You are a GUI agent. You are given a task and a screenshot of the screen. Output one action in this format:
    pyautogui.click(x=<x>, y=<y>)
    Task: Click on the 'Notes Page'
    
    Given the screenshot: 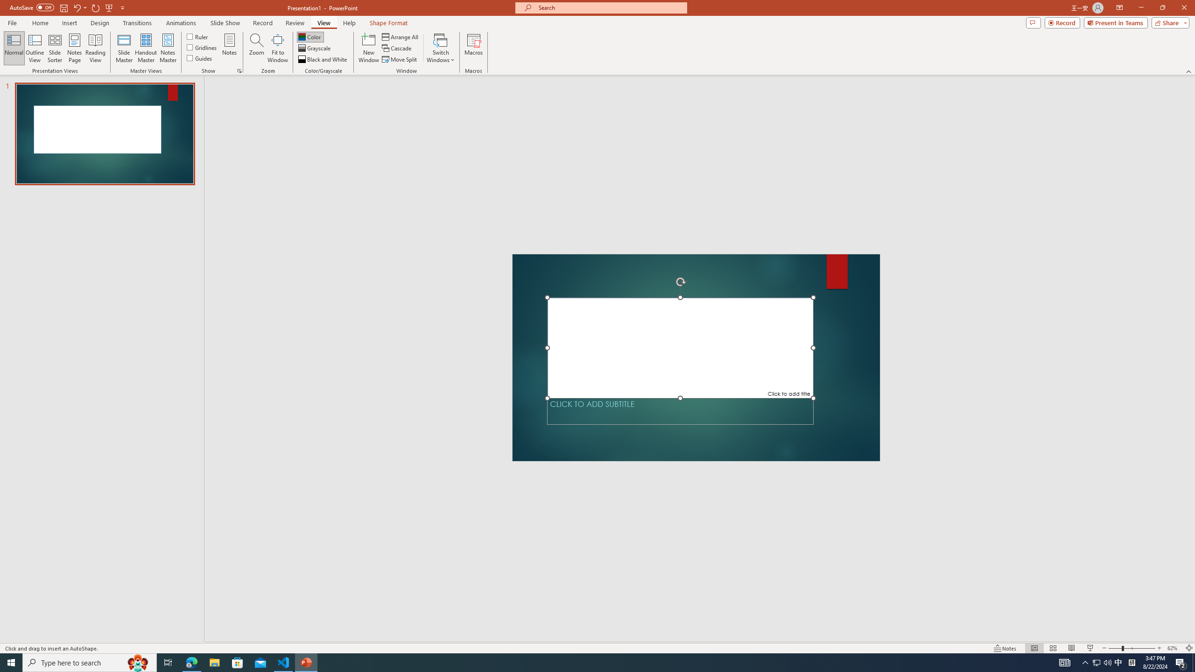 What is the action you would take?
    pyautogui.click(x=74, y=48)
    